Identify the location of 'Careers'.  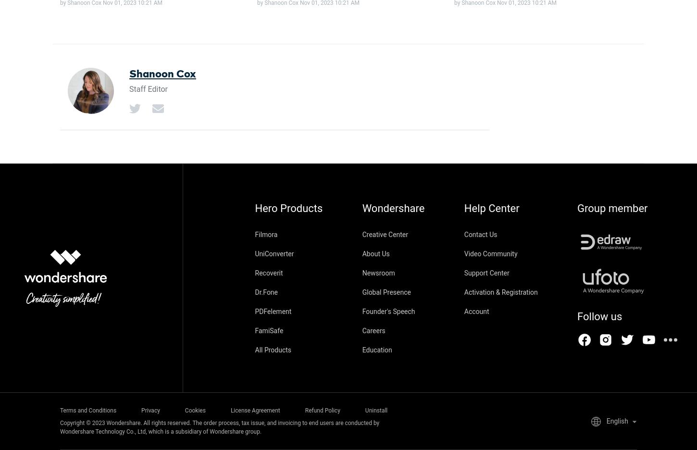
(373, 330).